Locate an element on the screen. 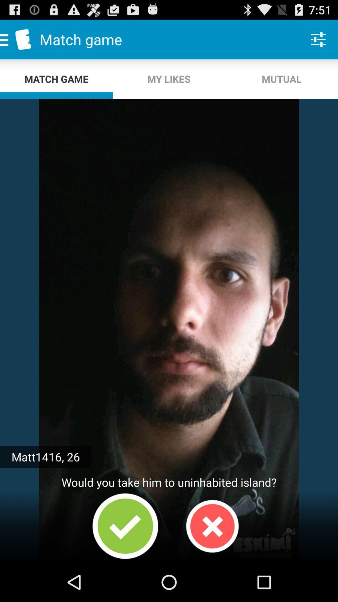 The width and height of the screenshot is (338, 602). and click option is located at coordinates (125, 526).